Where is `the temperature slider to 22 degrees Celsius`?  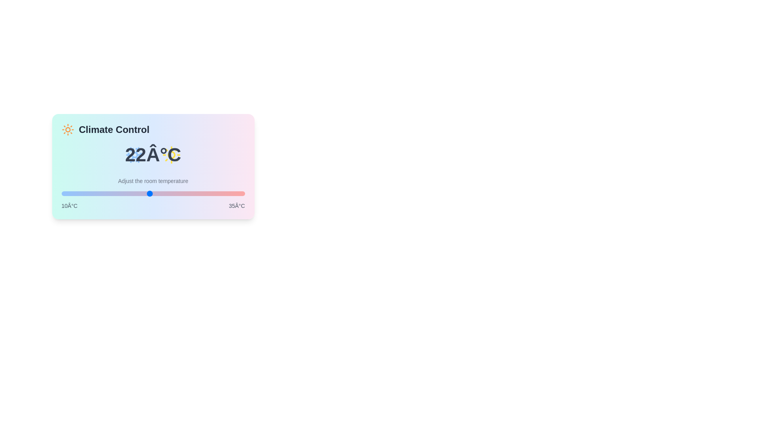 the temperature slider to 22 degrees Celsius is located at coordinates (149, 193).